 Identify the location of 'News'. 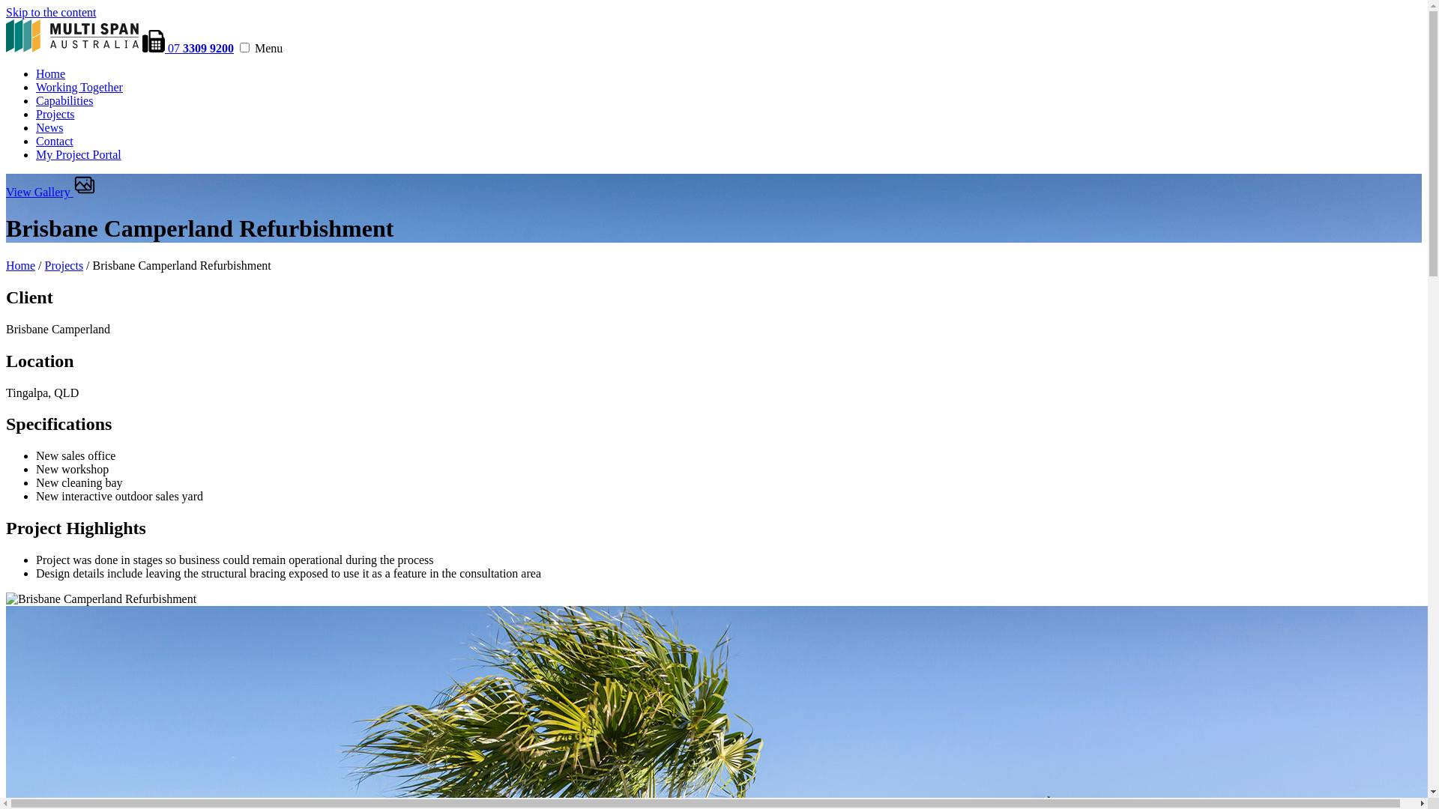
(49, 127).